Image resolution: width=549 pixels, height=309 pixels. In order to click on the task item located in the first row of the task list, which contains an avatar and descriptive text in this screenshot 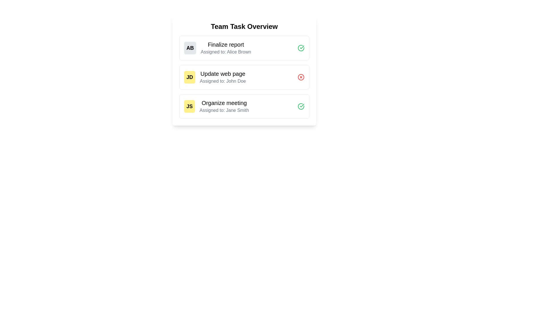, I will do `click(217, 48)`.